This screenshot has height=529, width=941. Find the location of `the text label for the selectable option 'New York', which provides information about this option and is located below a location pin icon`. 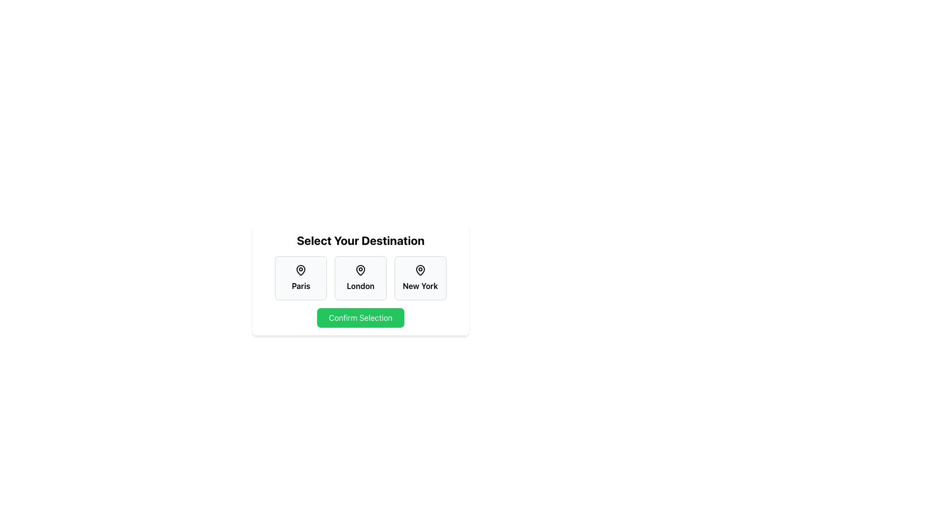

the text label for the selectable option 'New York', which provides information about this option and is located below a location pin icon is located at coordinates (420, 286).